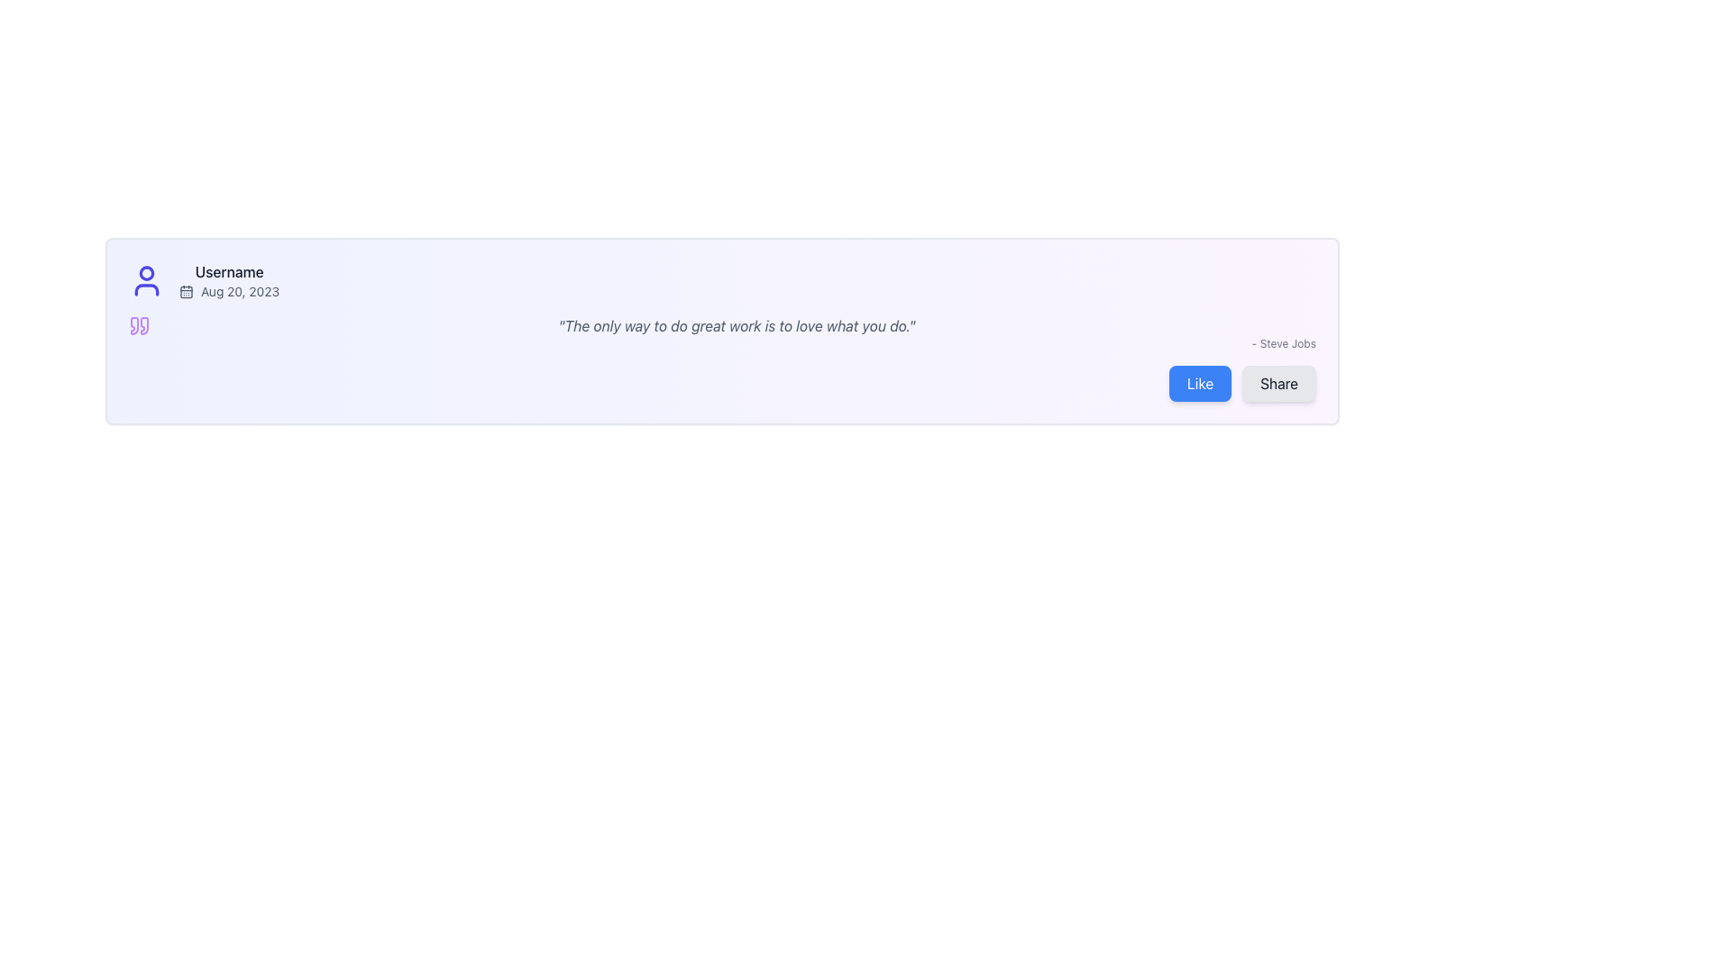 The image size is (1731, 973). What do you see at coordinates (138, 326) in the screenshot?
I see `the graphical icon resembling a pair of quotation marks, which is styled with a light purple color and positioned at the beginning of the quote text` at bounding box center [138, 326].